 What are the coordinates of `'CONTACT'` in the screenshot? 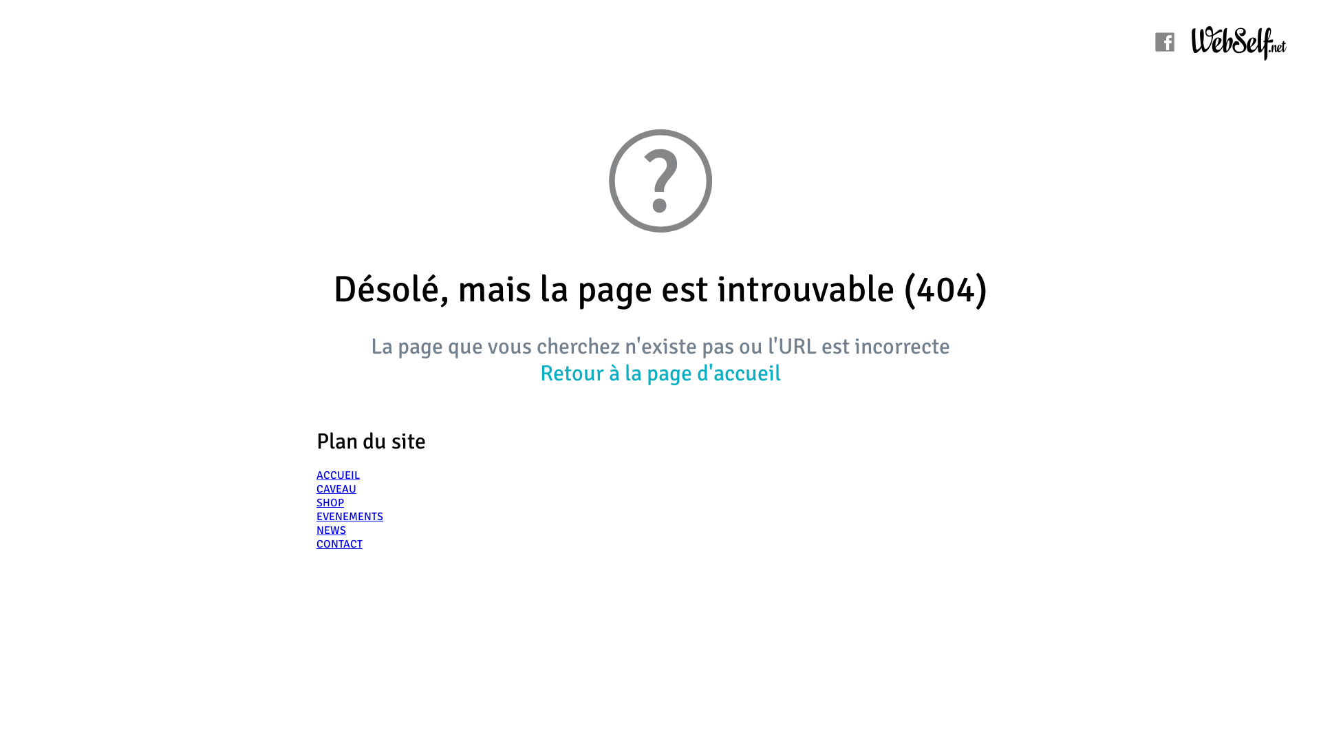 It's located at (316, 543).